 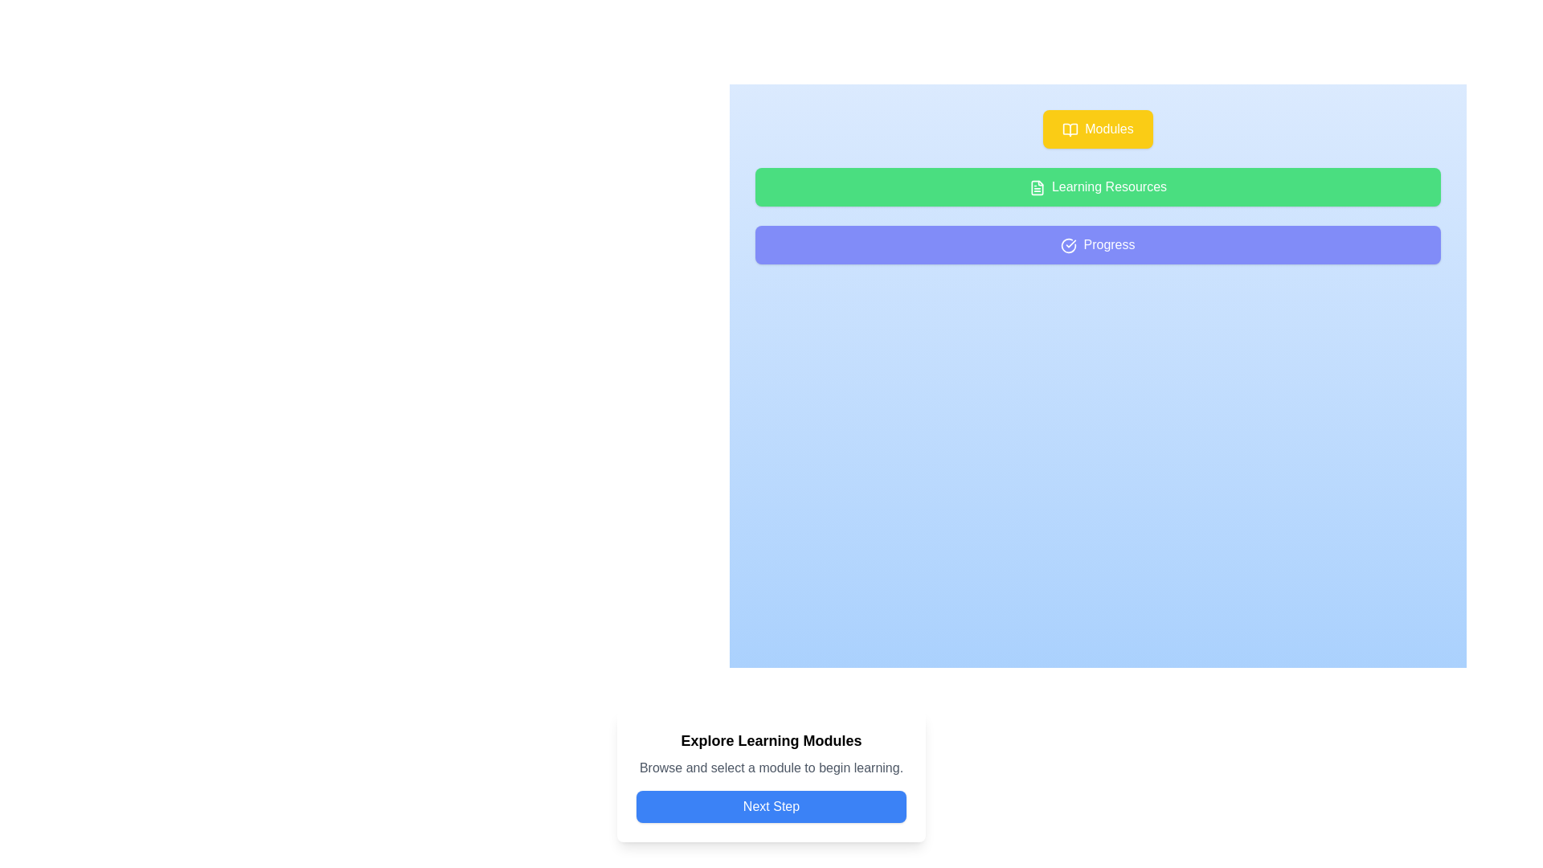 I want to click on the navigational button labeled 'Modules', which is positioned at the top of the list above 'Learning Resources' and 'Progress', so click(x=1097, y=129).